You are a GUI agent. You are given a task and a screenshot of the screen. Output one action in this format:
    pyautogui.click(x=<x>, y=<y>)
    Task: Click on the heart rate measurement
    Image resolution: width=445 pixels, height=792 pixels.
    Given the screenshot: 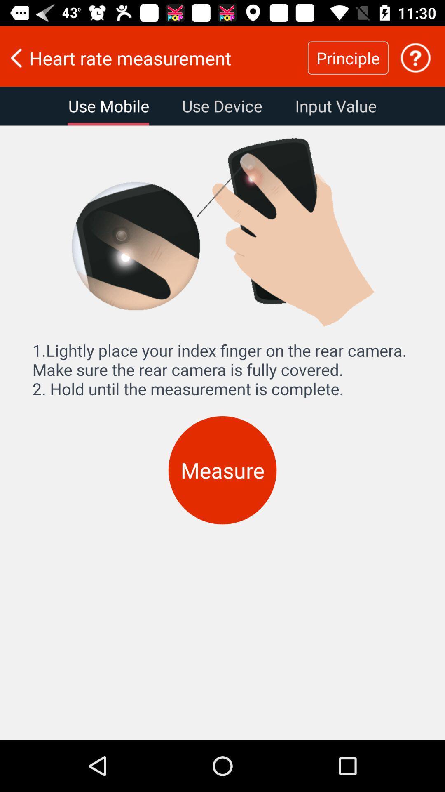 What is the action you would take?
    pyautogui.click(x=154, y=57)
    